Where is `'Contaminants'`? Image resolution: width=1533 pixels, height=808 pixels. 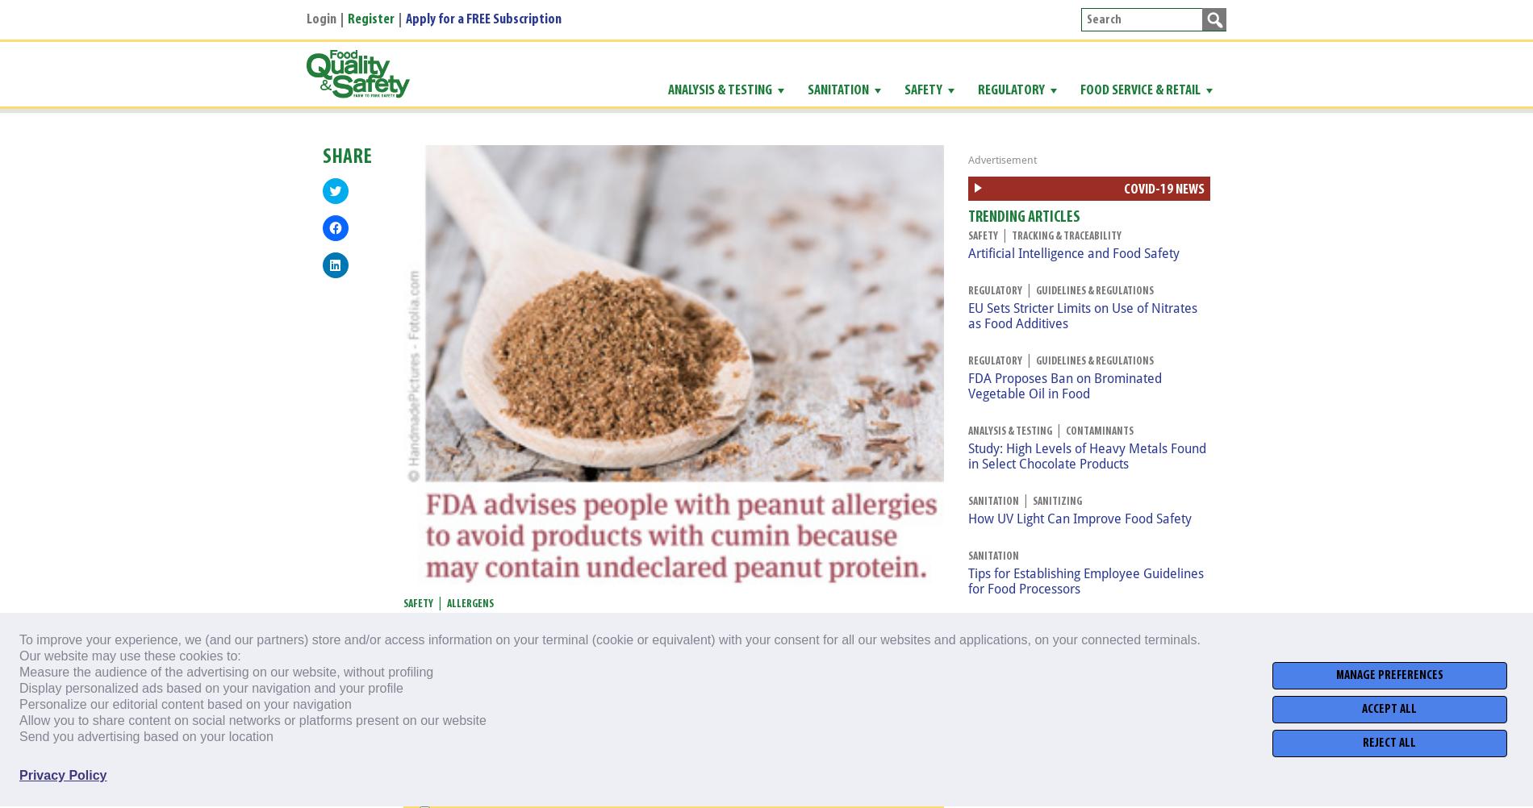
'Contaminants' is located at coordinates (1065, 431).